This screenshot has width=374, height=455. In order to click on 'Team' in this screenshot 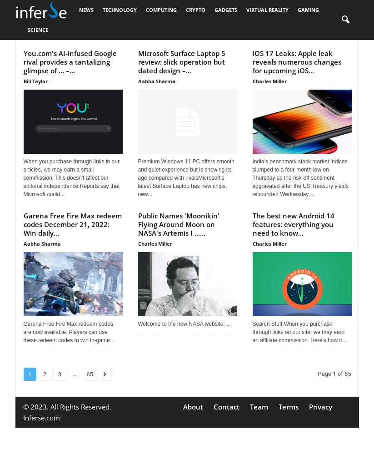, I will do `click(259, 407)`.